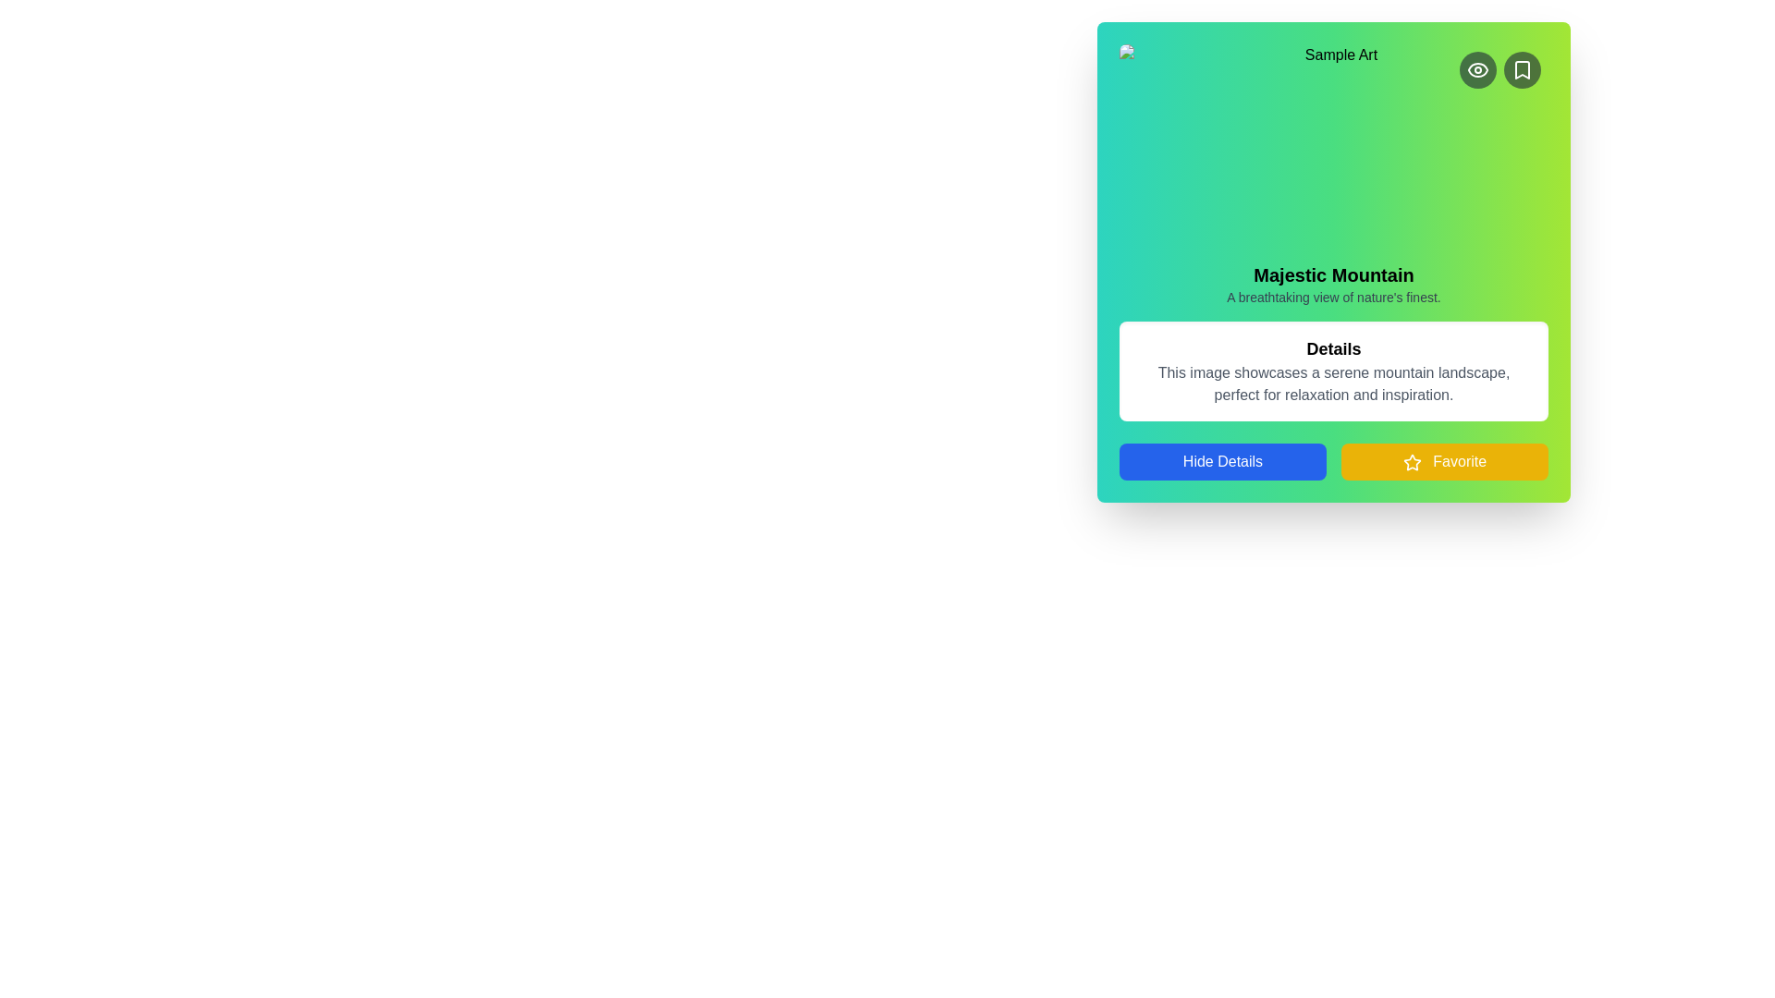  Describe the element at coordinates (1334, 383) in the screenshot. I see `descriptive text paragraph located below the 'Details' header in the green and yellow gradient card interface` at that location.